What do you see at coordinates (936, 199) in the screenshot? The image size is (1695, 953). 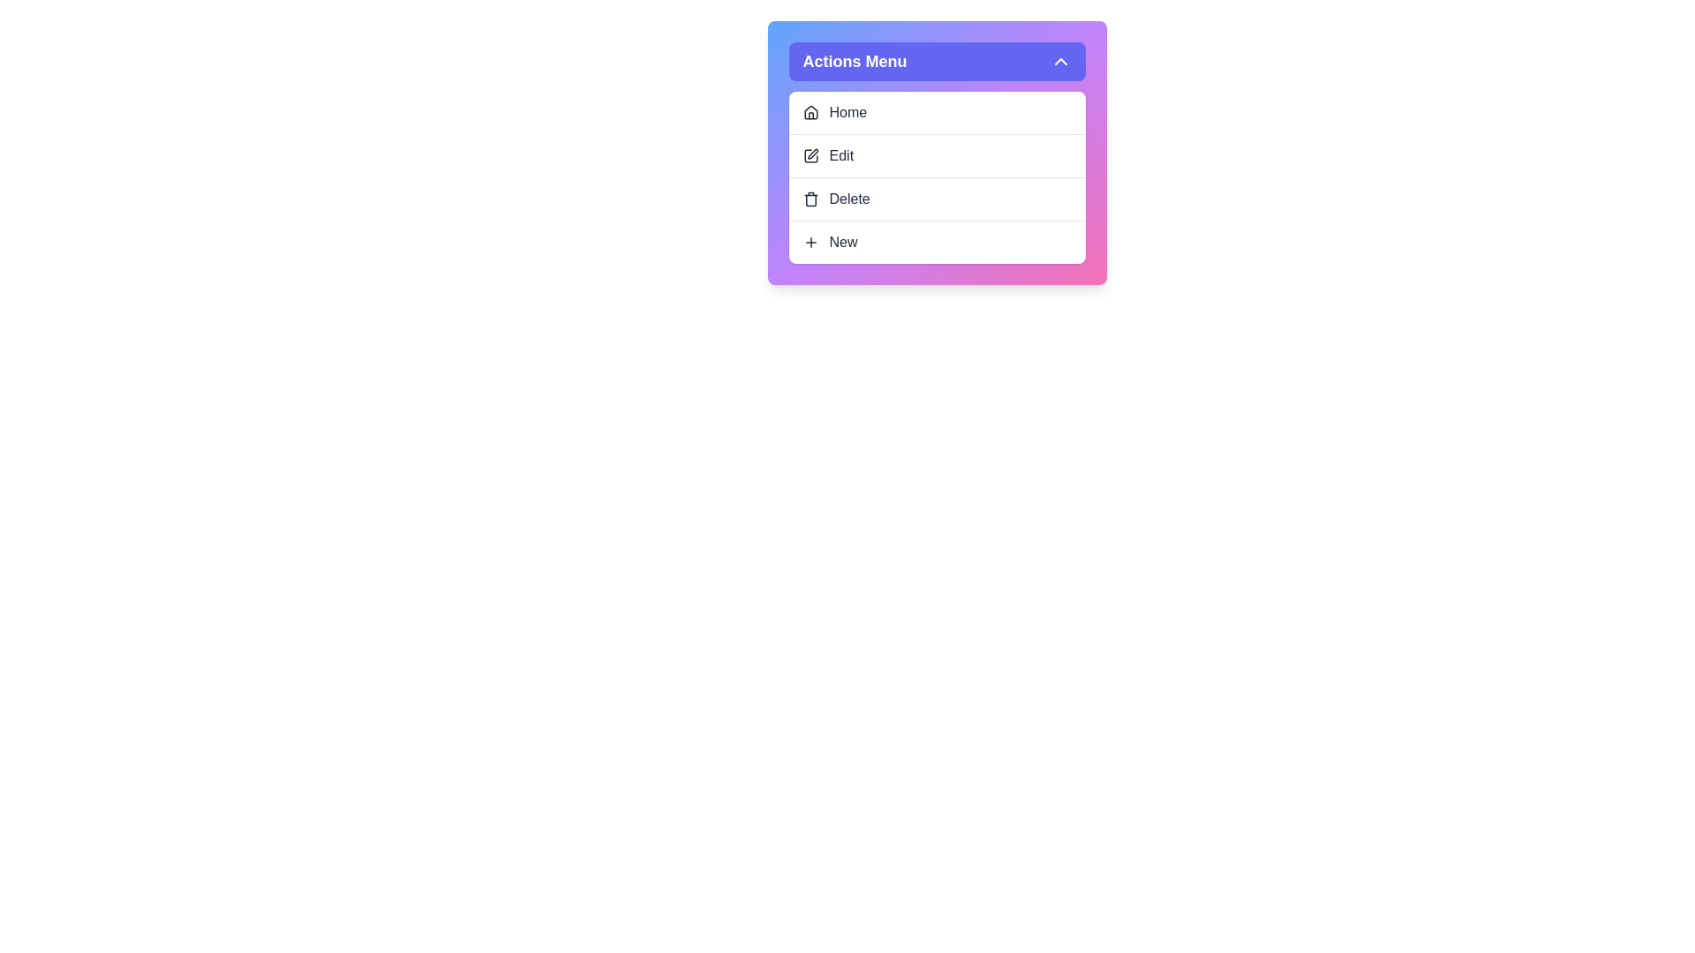 I see `the menu item Delete from the dropdown menu` at bounding box center [936, 199].